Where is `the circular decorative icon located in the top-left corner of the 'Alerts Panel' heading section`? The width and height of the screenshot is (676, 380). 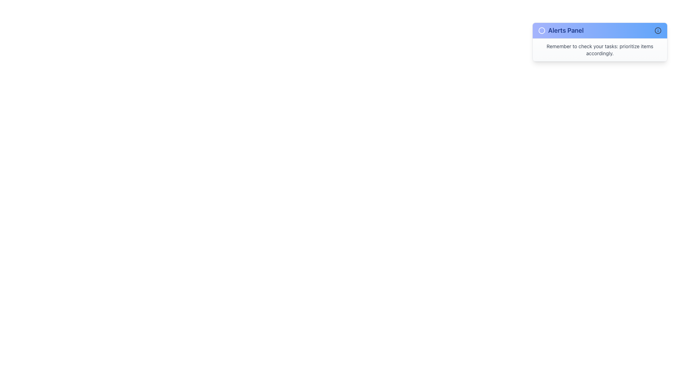 the circular decorative icon located in the top-left corner of the 'Alerts Panel' heading section is located at coordinates (542, 30).